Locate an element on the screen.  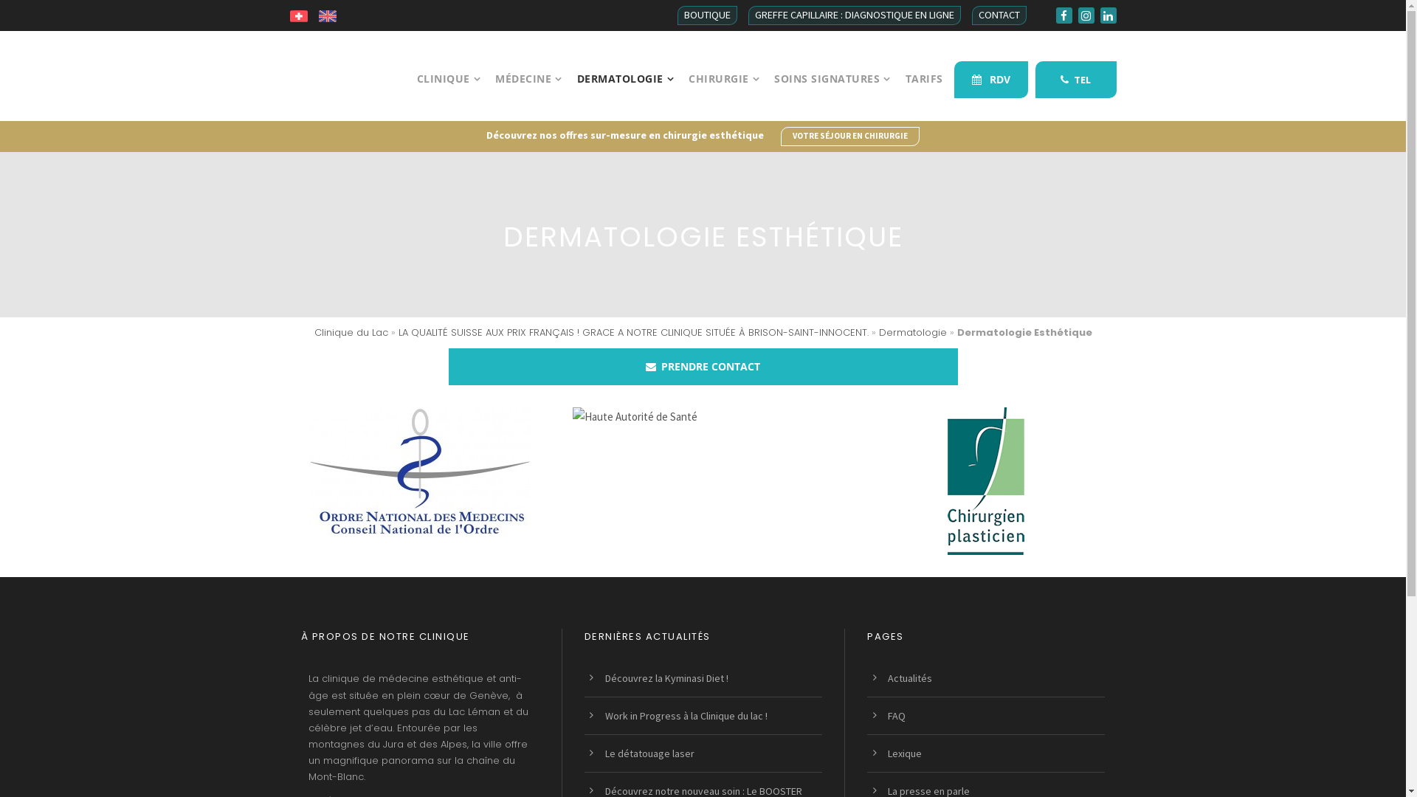
'GREFFE CAPILLAIRE : DIAGNOSTIQUE EN LIGNE' is located at coordinates (854, 15).